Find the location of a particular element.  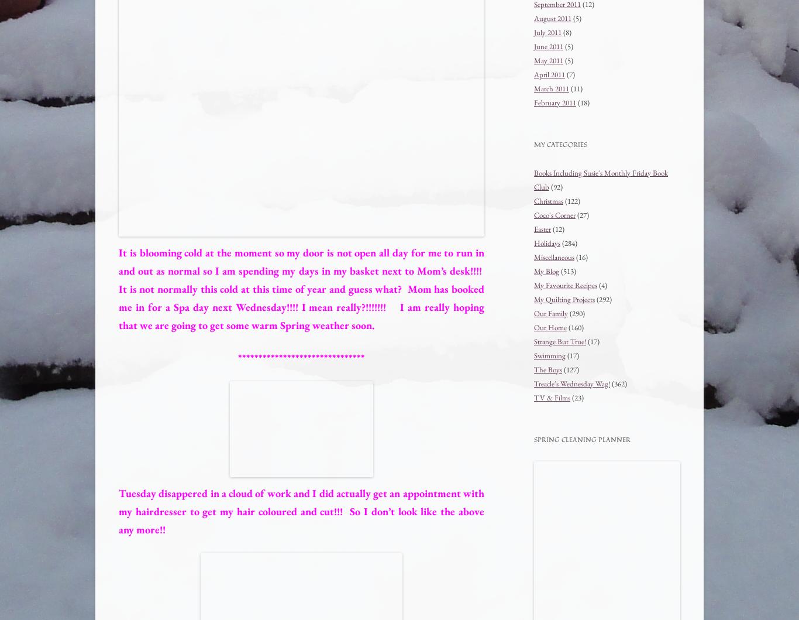

'Easter' is located at coordinates (534, 228).